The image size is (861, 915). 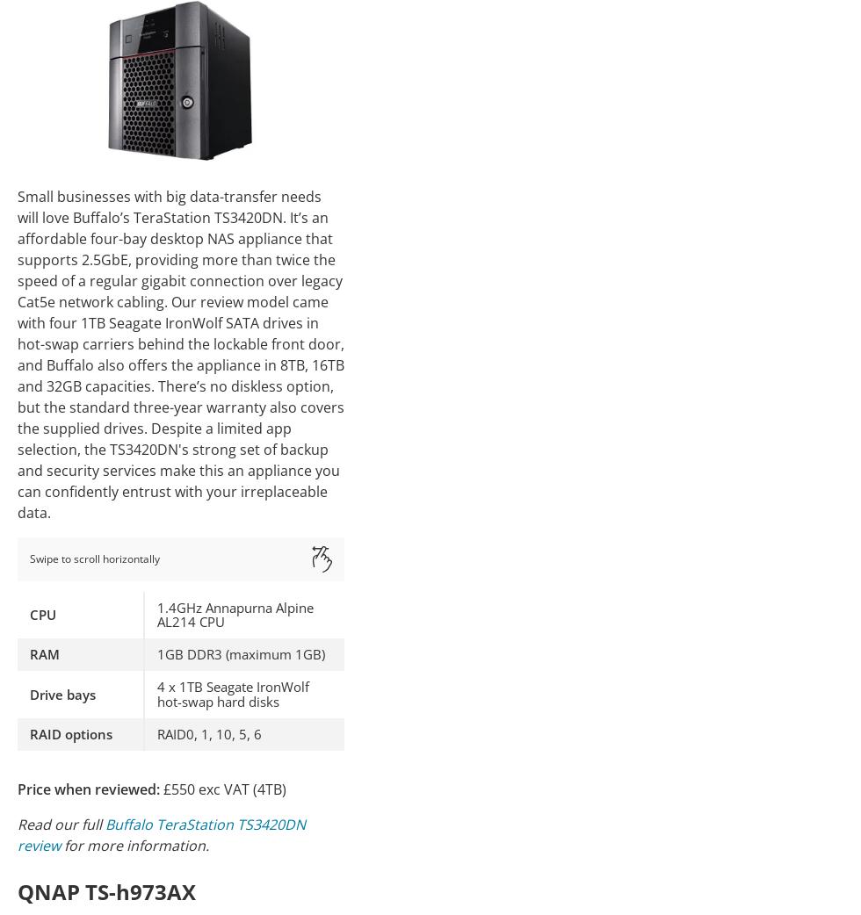 I want to click on 'QNAP TS-h973AX', so click(x=106, y=890).